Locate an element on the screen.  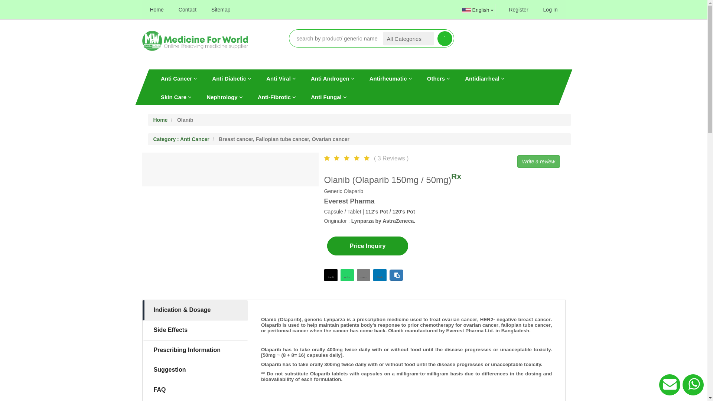
'Others' is located at coordinates (438, 78).